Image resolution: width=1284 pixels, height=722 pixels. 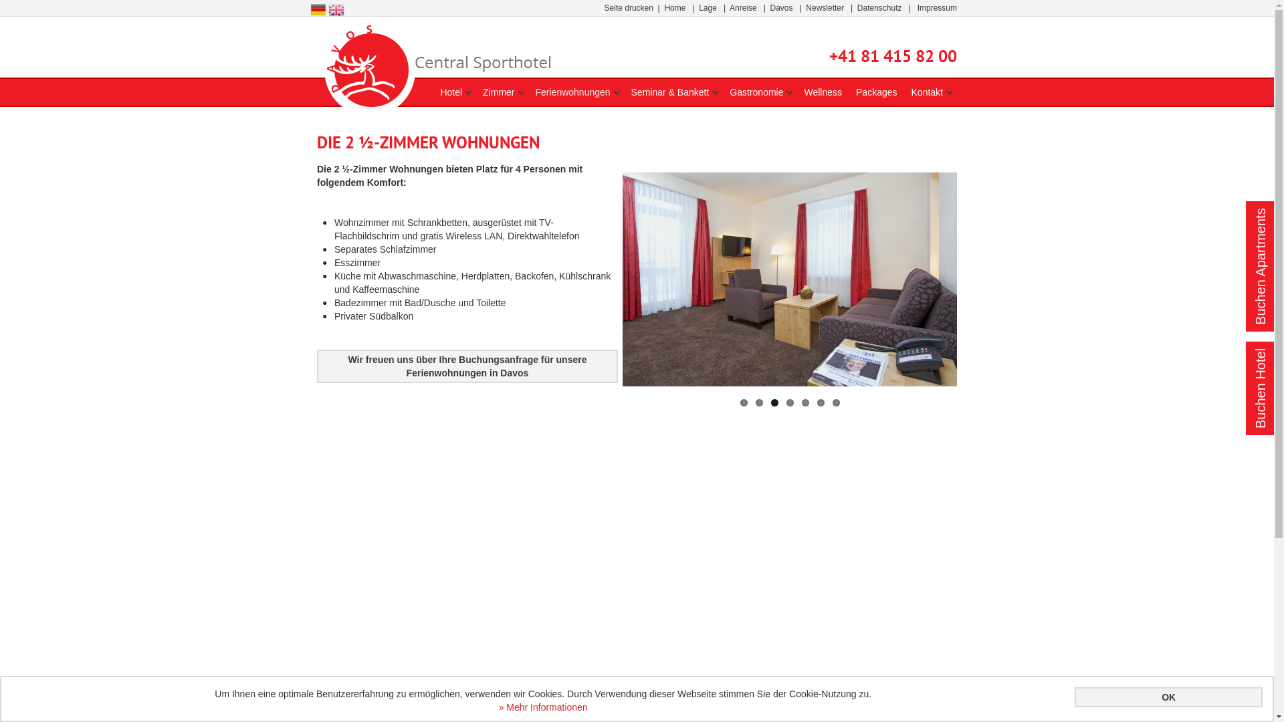 I want to click on '4', so click(x=790, y=401).